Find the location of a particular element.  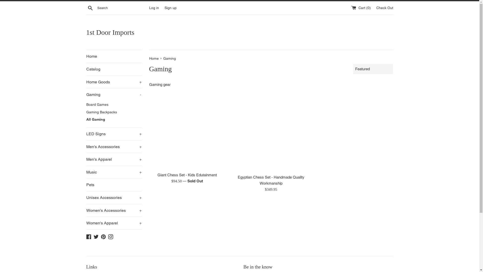

'Sign up' is located at coordinates (170, 8).